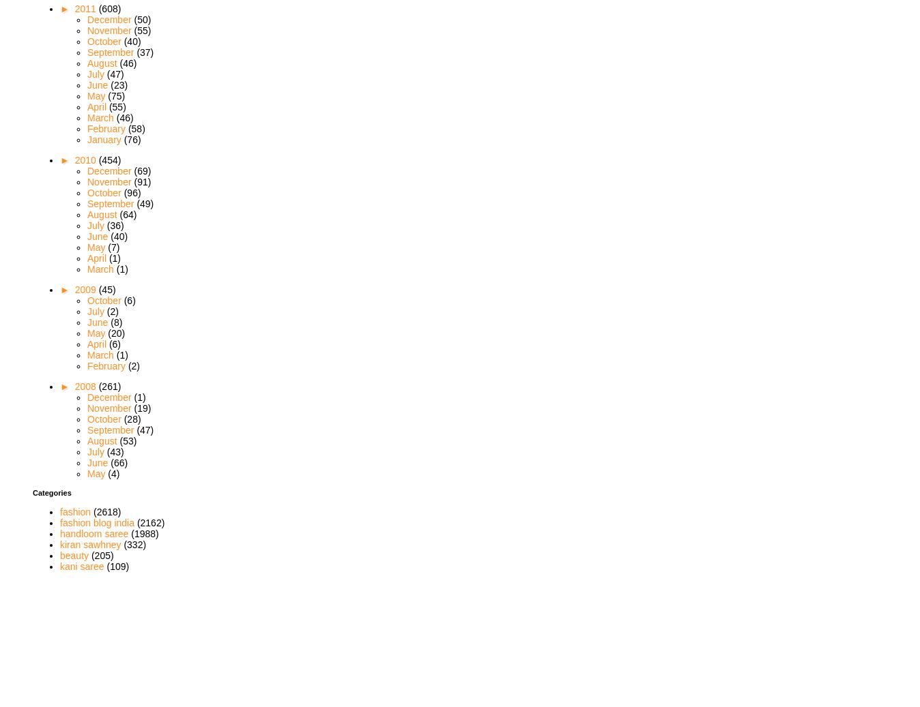 Image resolution: width=920 pixels, height=707 pixels. Describe the element at coordinates (142, 18) in the screenshot. I see `'(50)'` at that location.